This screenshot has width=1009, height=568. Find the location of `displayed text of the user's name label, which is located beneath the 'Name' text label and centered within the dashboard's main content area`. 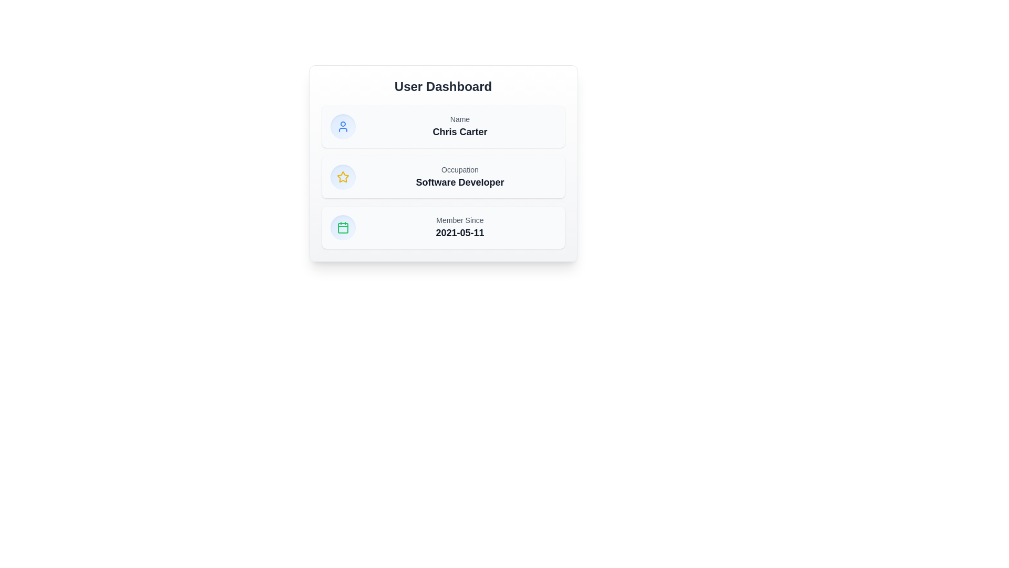

displayed text of the user's name label, which is located beneath the 'Name' text label and centered within the dashboard's main content area is located at coordinates (460, 131).